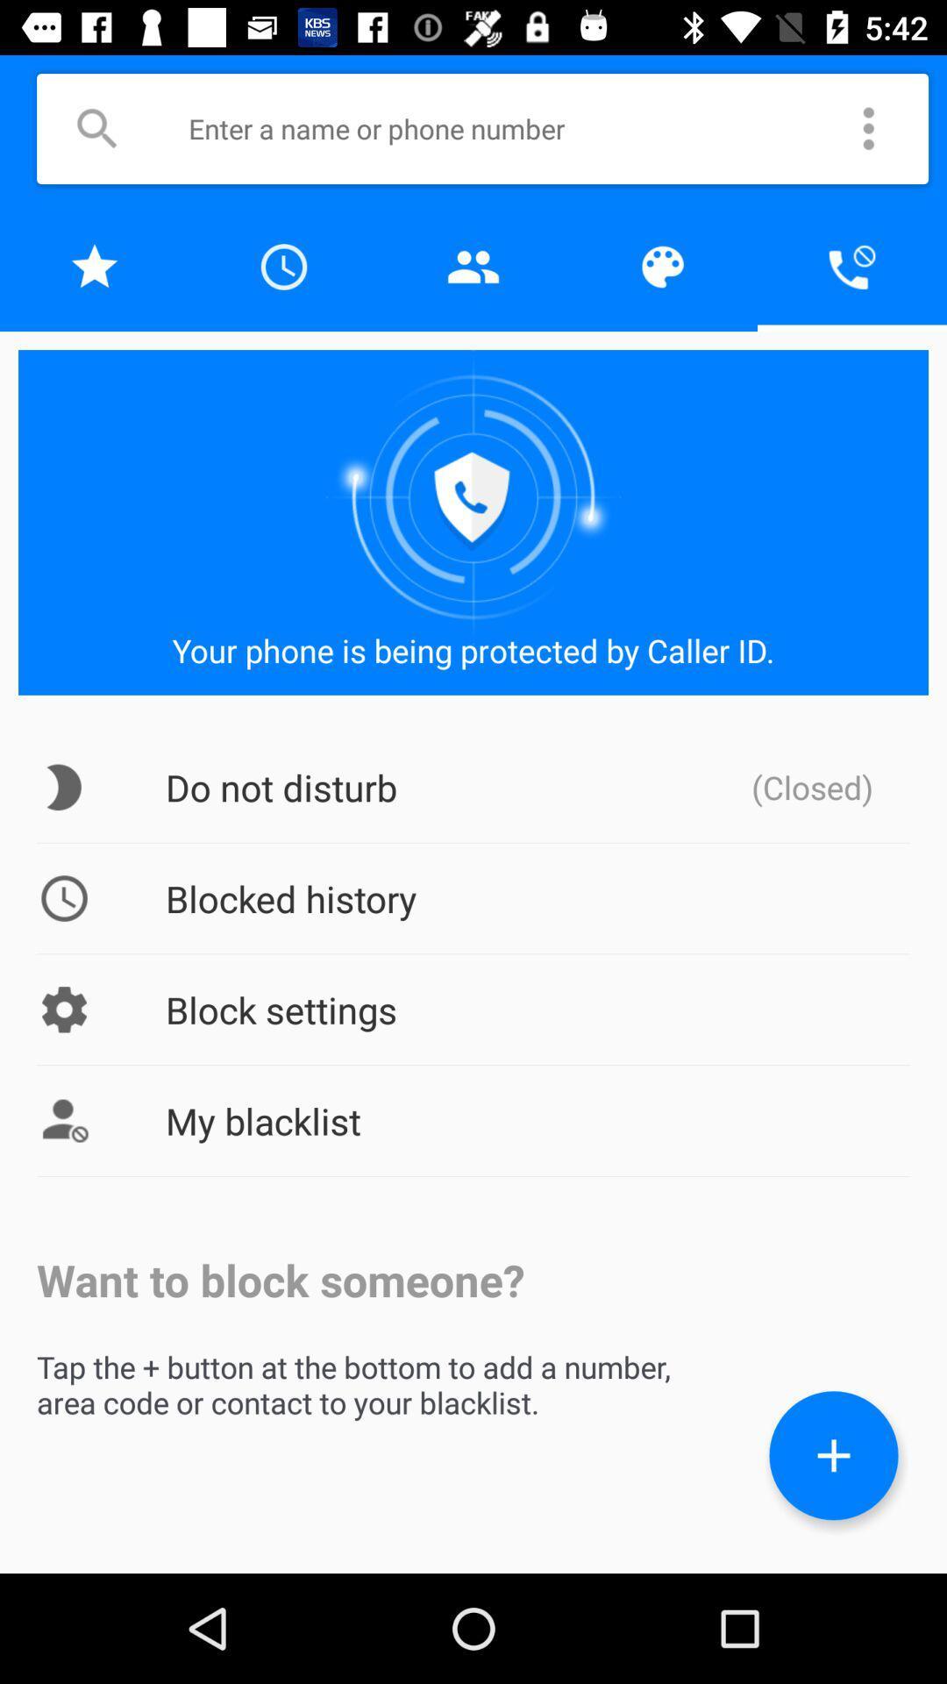 The width and height of the screenshot is (947, 1684). Describe the element at coordinates (833, 1455) in the screenshot. I see `the add icon` at that location.